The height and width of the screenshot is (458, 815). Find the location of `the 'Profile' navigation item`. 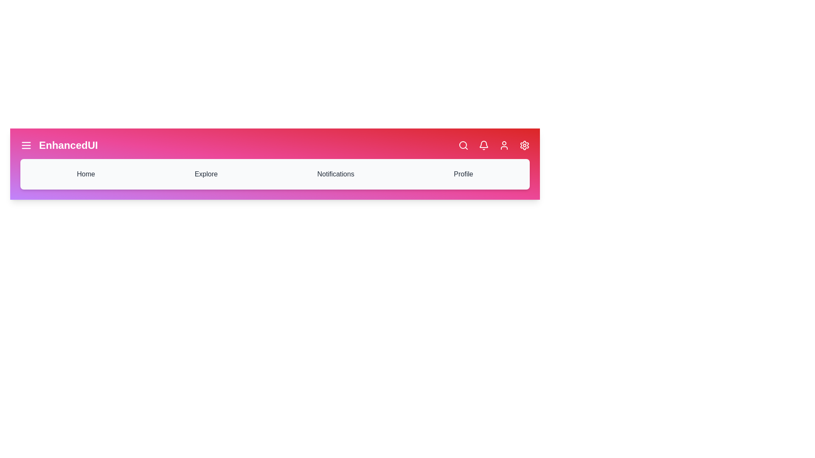

the 'Profile' navigation item is located at coordinates (463, 174).